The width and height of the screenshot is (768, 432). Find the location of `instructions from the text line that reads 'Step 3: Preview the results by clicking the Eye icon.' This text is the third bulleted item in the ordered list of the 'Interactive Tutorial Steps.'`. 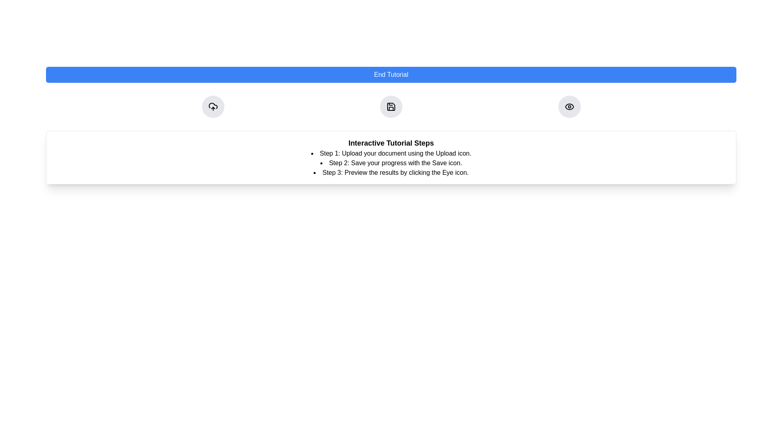

instructions from the text line that reads 'Step 3: Preview the results by clicking the Eye icon.' This text is the third bulleted item in the ordered list of the 'Interactive Tutorial Steps.' is located at coordinates (391, 172).